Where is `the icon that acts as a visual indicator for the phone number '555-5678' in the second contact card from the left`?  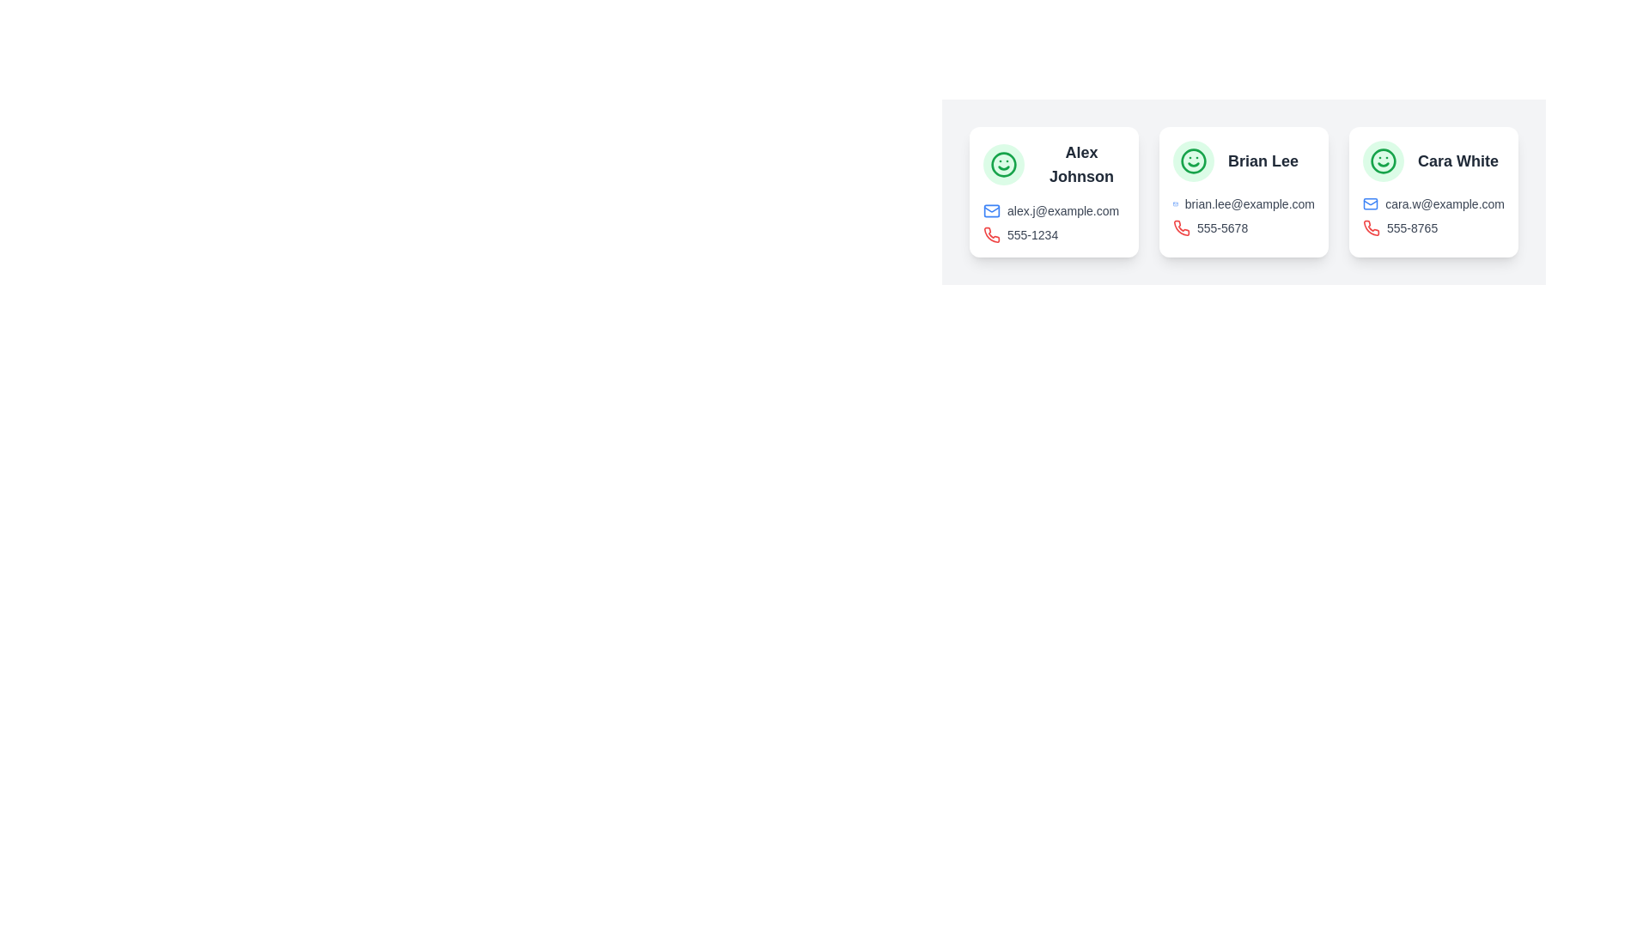
the icon that acts as a visual indicator for the phone number '555-5678' in the second contact card from the left is located at coordinates (1181, 227).